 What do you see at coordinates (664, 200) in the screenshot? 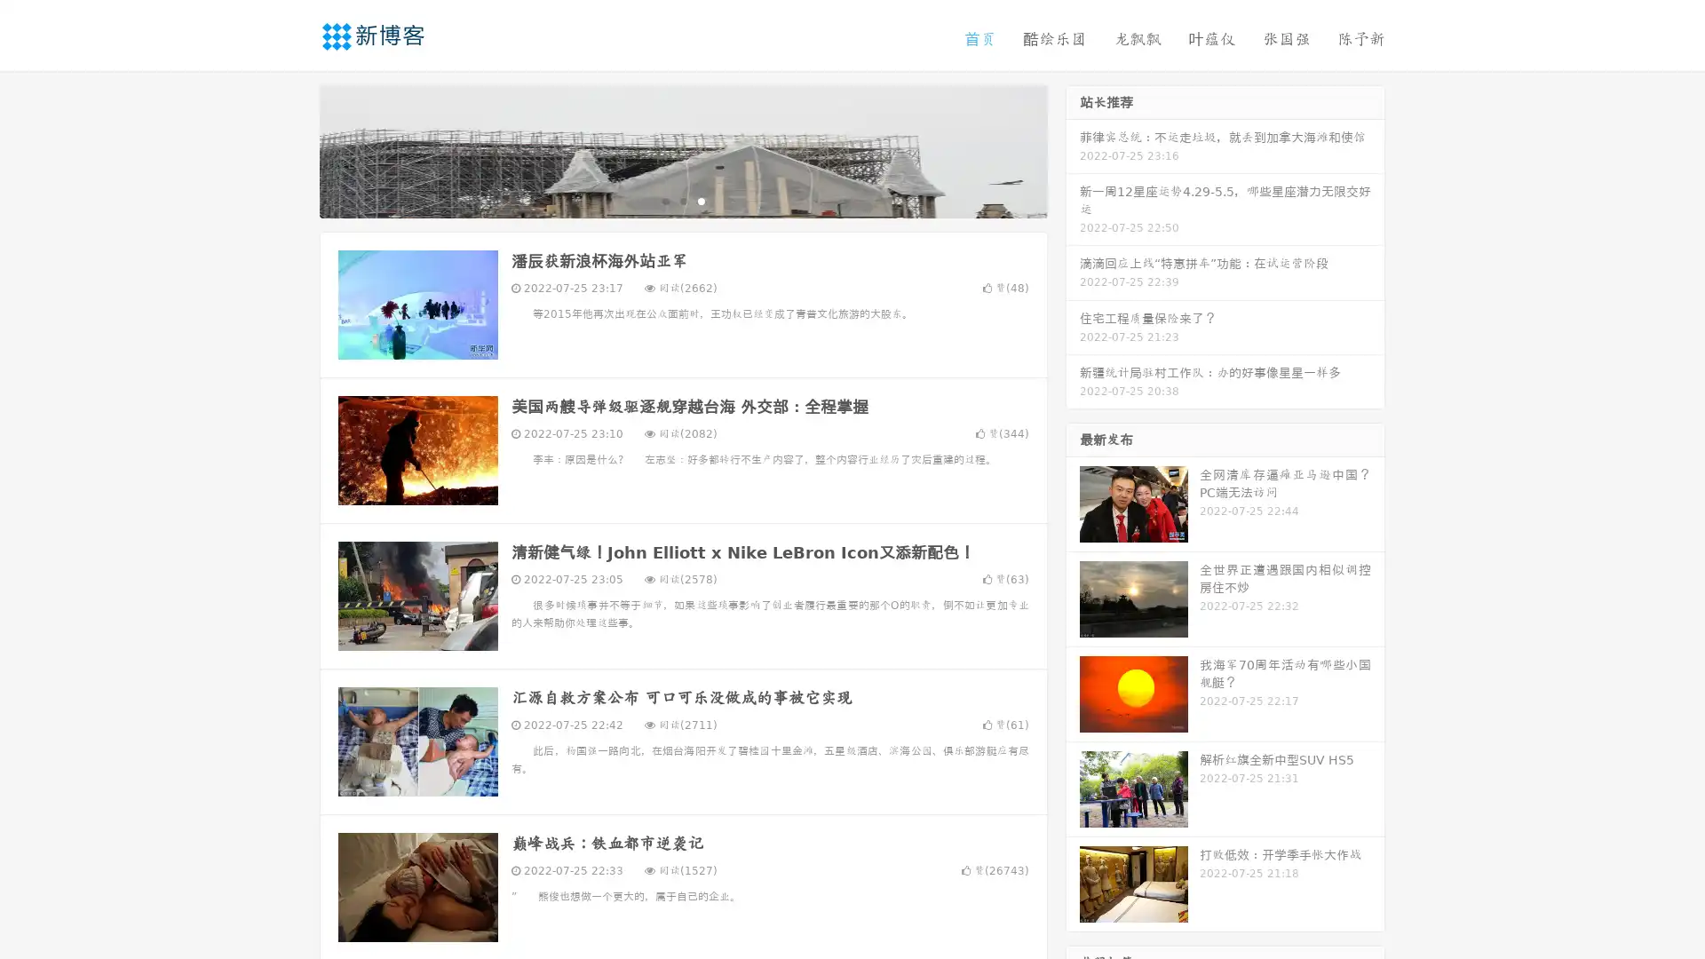
I see `Go to slide 1` at bounding box center [664, 200].